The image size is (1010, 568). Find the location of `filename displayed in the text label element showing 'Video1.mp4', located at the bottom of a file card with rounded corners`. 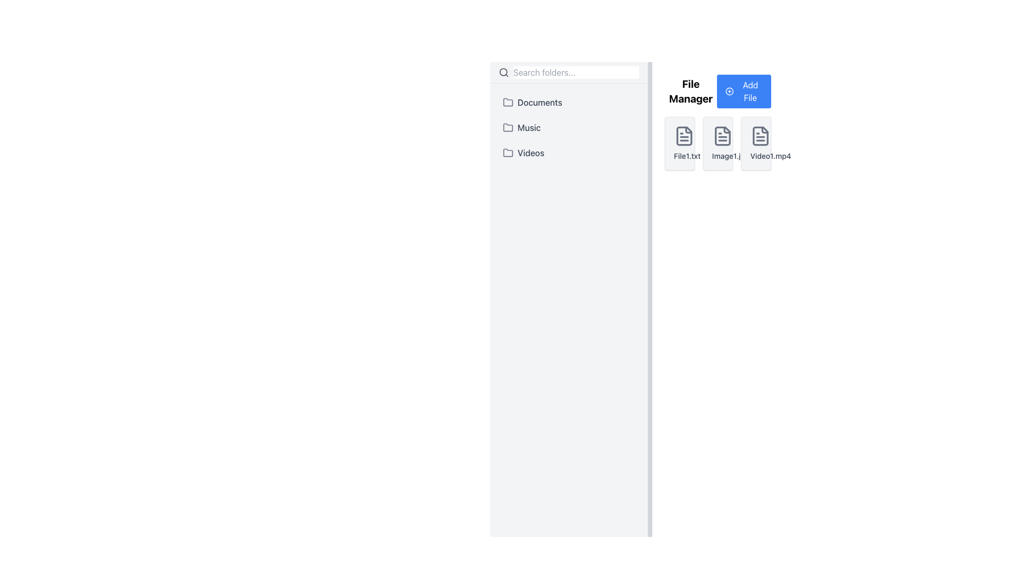

filename displayed in the text label element showing 'Video1.mp4', located at the bottom of a file card with rounded corners is located at coordinates (755, 156).